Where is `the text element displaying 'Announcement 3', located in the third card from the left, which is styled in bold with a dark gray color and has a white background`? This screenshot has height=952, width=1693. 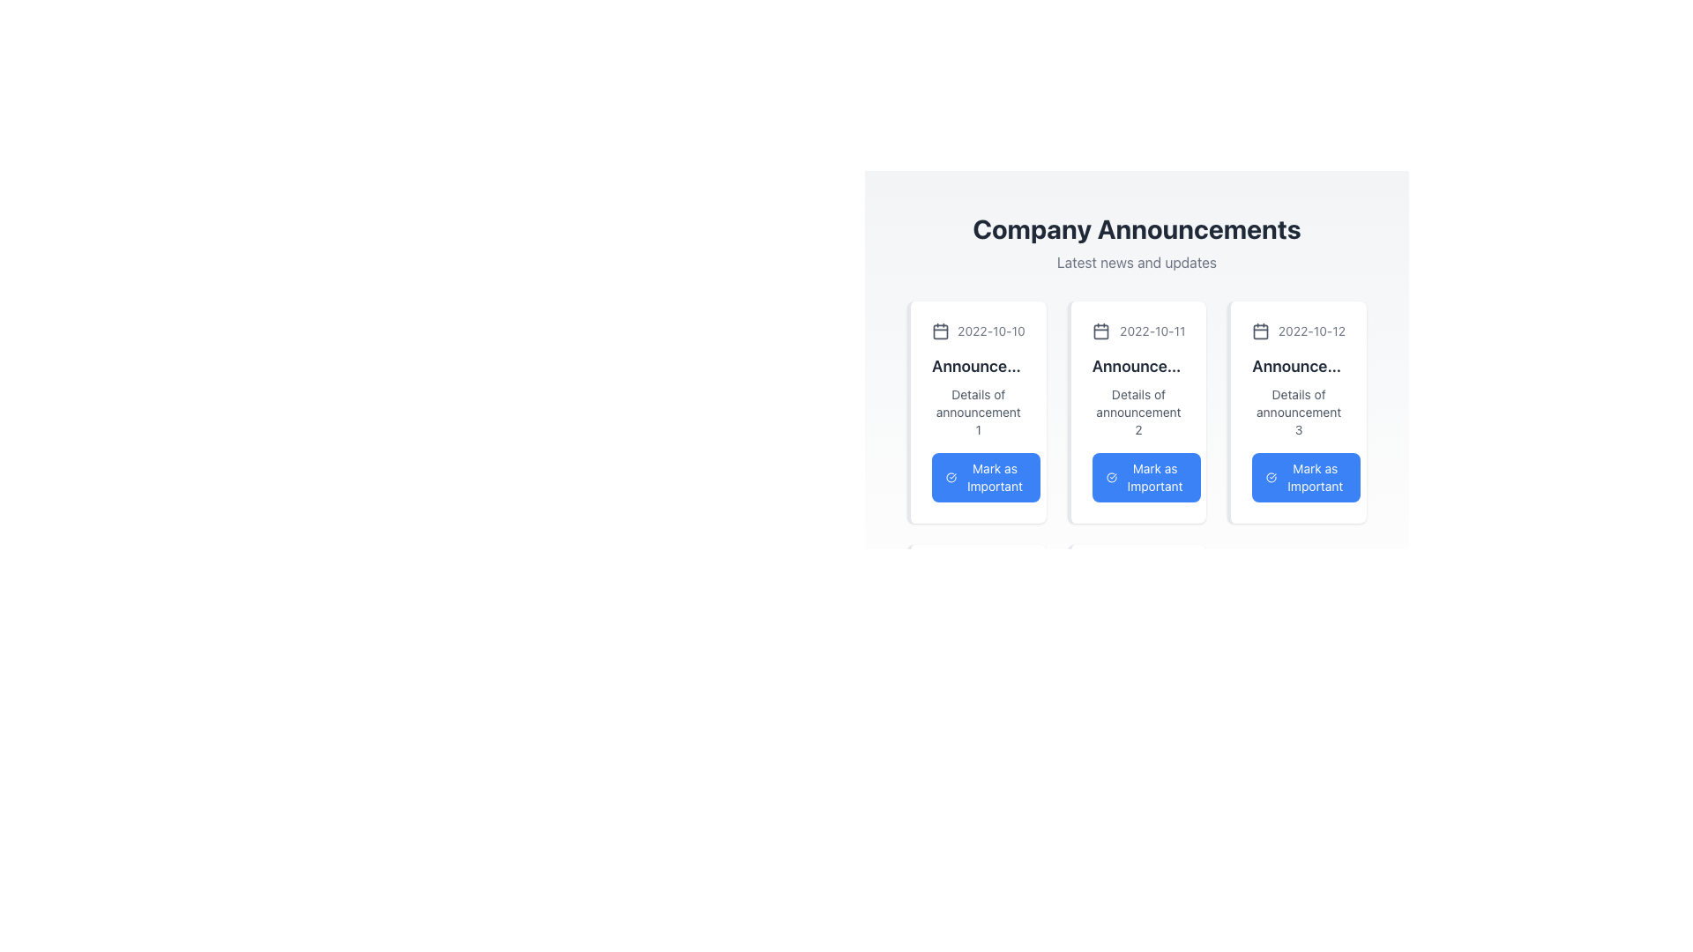
the text element displaying 'Announcement 3', located in the third card from the left, which is styled in bold with a dark gray color and has a white background is located at coordinates (1299, 366).